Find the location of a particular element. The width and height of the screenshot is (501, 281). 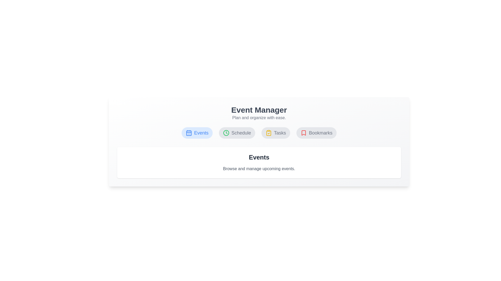

the tab labeled Bookmarks is located at coordinates (316, 132).